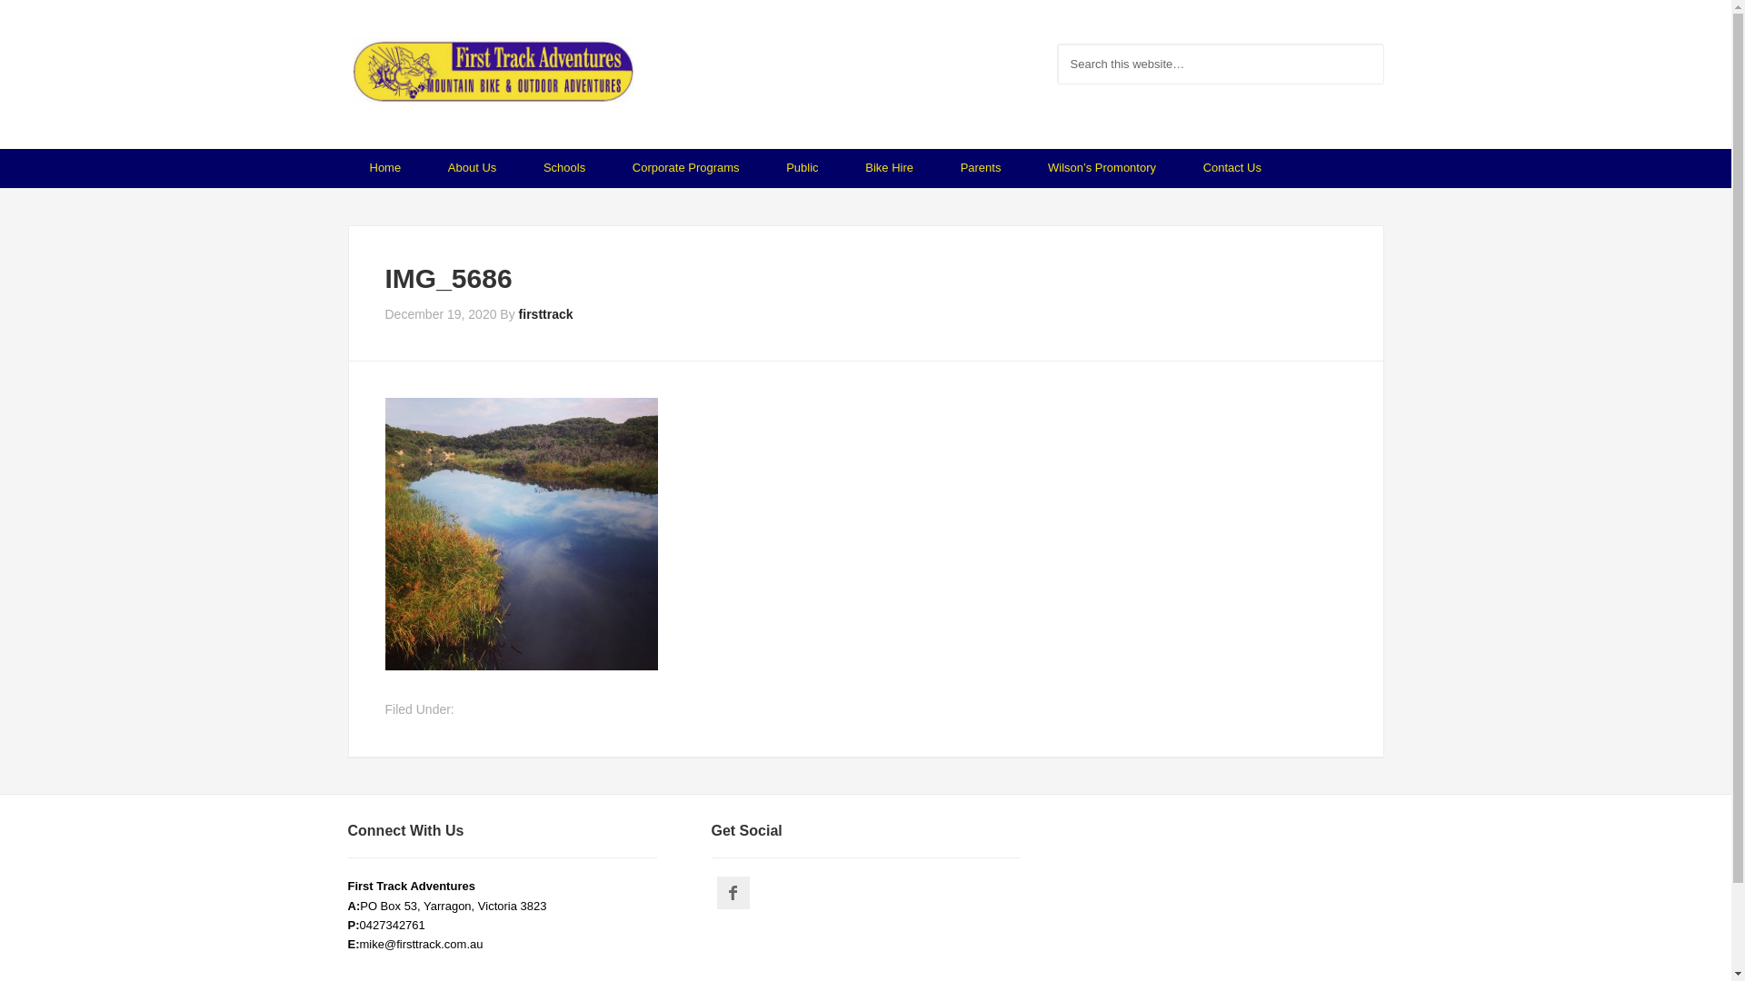  Describe the element at coordinates (521, 168) in the screenshot. I see `'Schools'` at that location.